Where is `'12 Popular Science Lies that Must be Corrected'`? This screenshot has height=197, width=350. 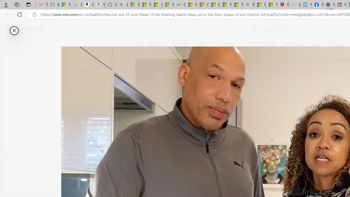
'12 Popular Science Lies that Must be Corrected' is located at coordinates (271, 5).